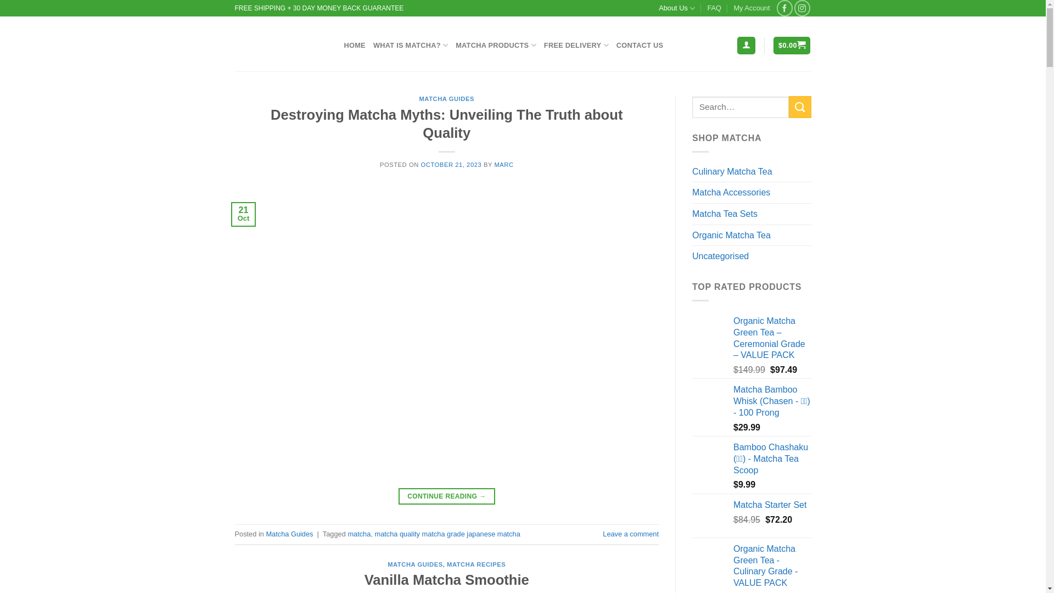 The width and height of the screenshot is (1054, 593). What do you see at coordinates (410, 44) in the screenshot?
I see `'WHAT IS MATCHA?'` at bounding box center [410, 44].